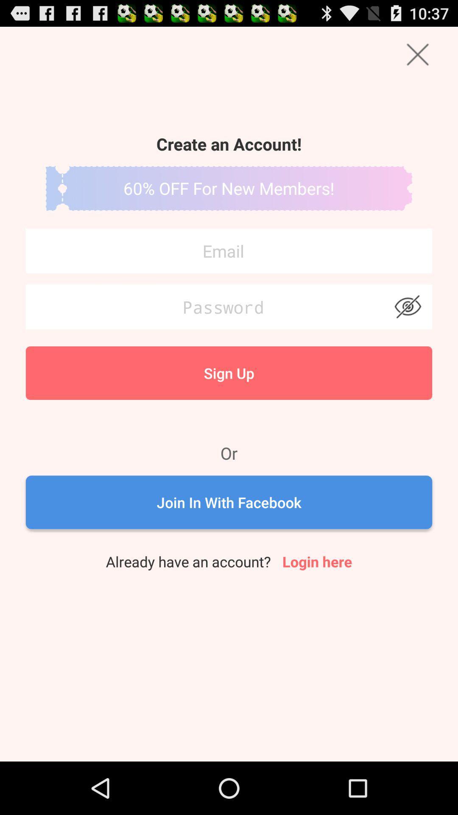 This screenshot has width=458, height=815. What do you see at coordinates (229, 250) in the screenshot?
I see `email address` at bounding box center [229, 250].